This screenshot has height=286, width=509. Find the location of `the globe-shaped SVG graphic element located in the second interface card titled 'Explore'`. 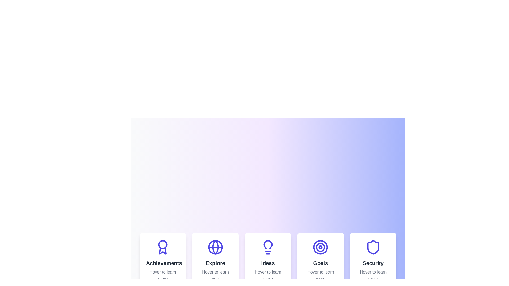

the globe-shaped SVG graphic element located in the second interface card titled 'Explore' is located at coordinates (215, 247).